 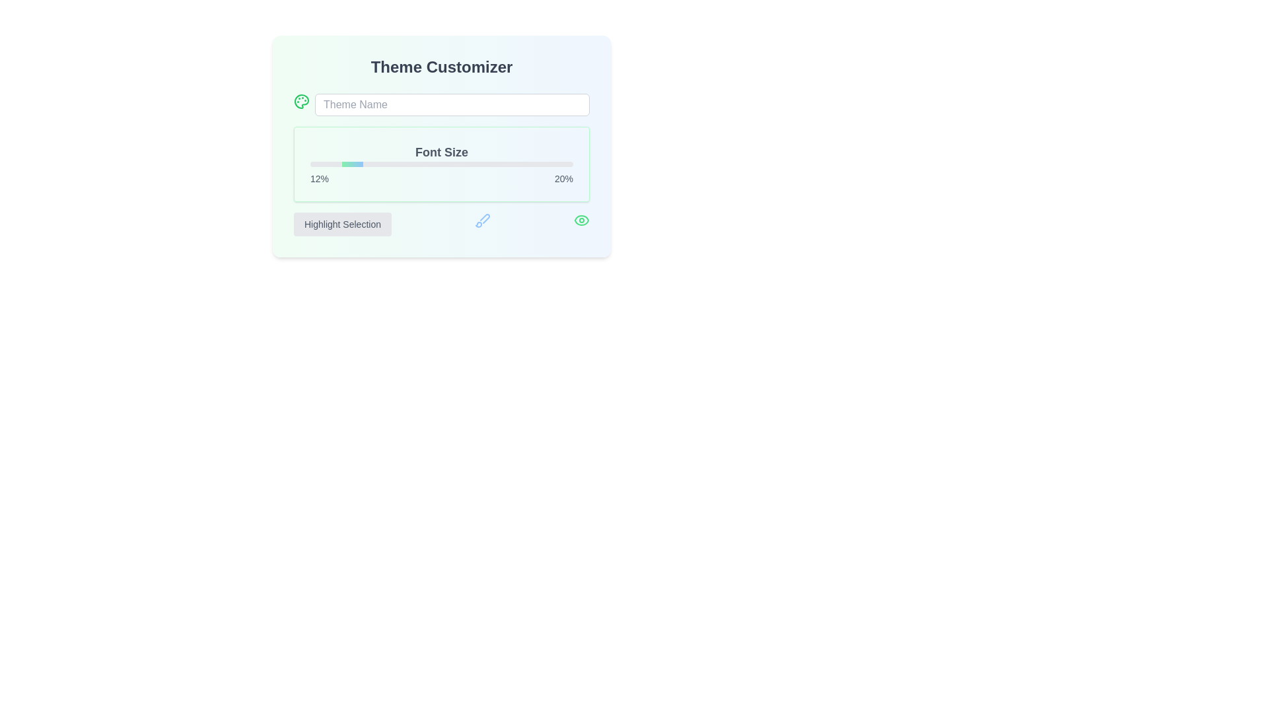 What do you see at coordinates (378, 164) in the screenshot?
I see `the font size` at bounding box center [378, 164].